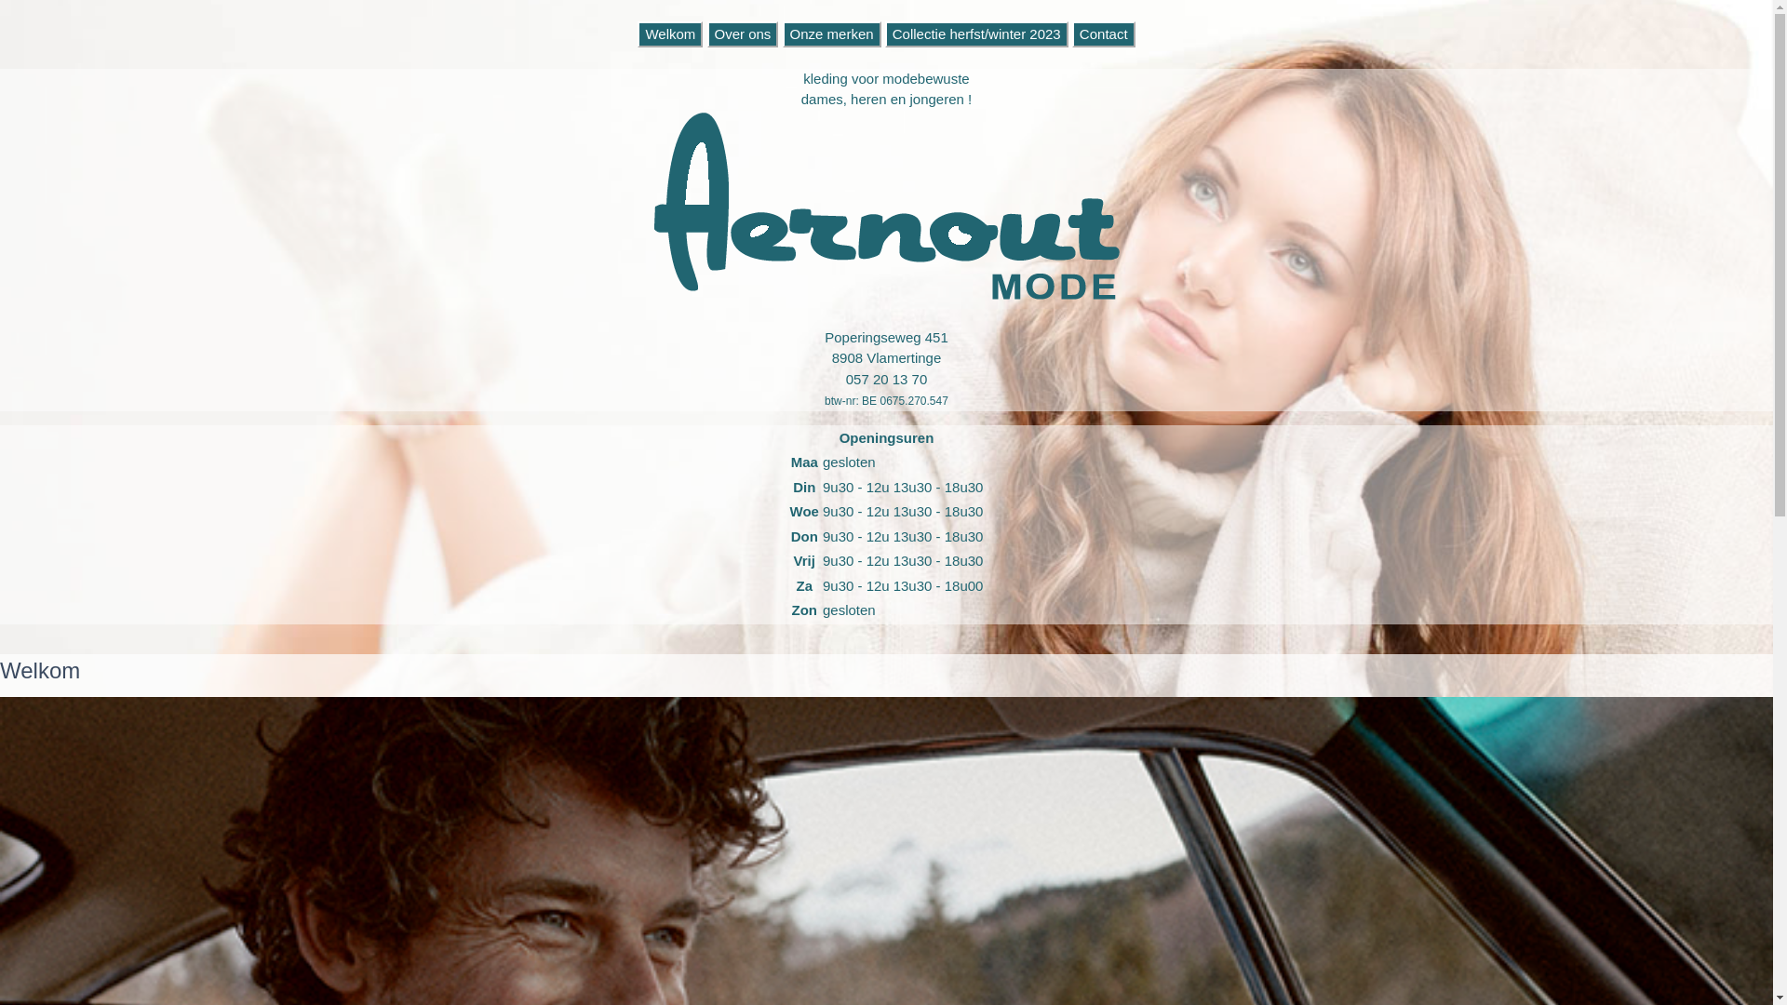 This screenshot has height=1005, width=1787. What do you see at coordinates (742, 33) in the screenshot?
I see `'Over ons'` at bounding box center [742, 33].